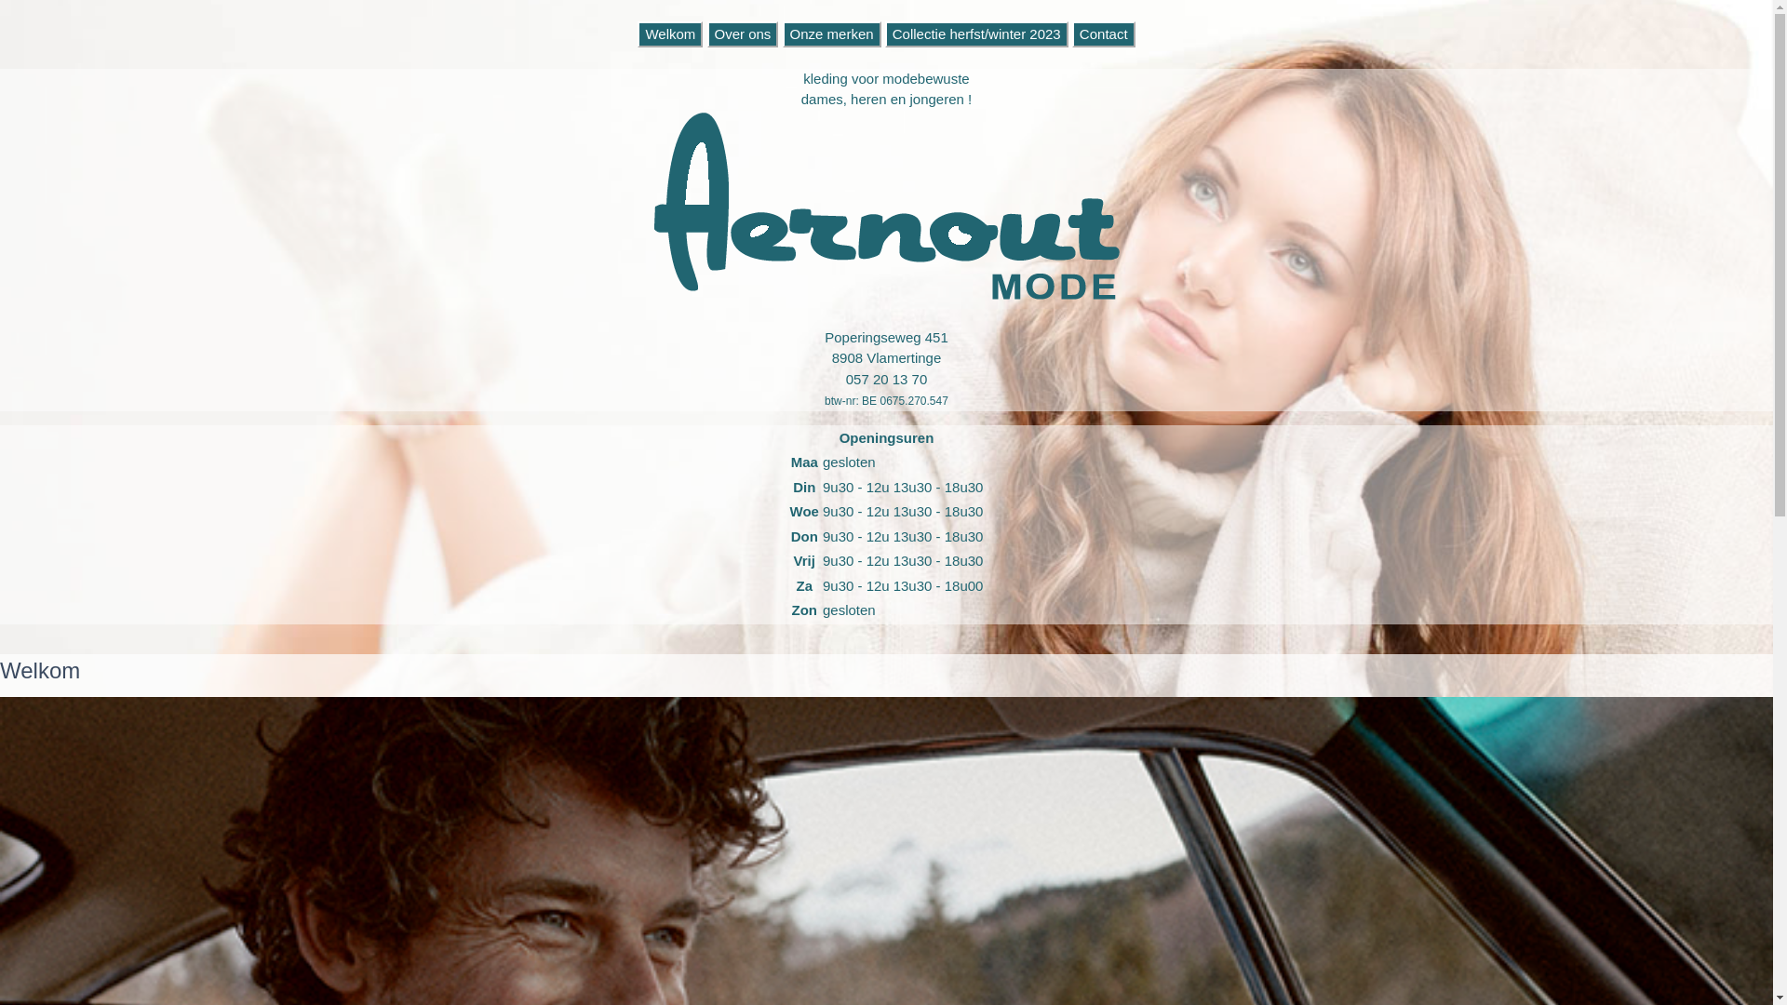 This screenshot has height=1005, width=1787. What do you see at coordinates (742, 33) in the screenshot?
I see `'Over ons'` at bounding box center [742, 33].